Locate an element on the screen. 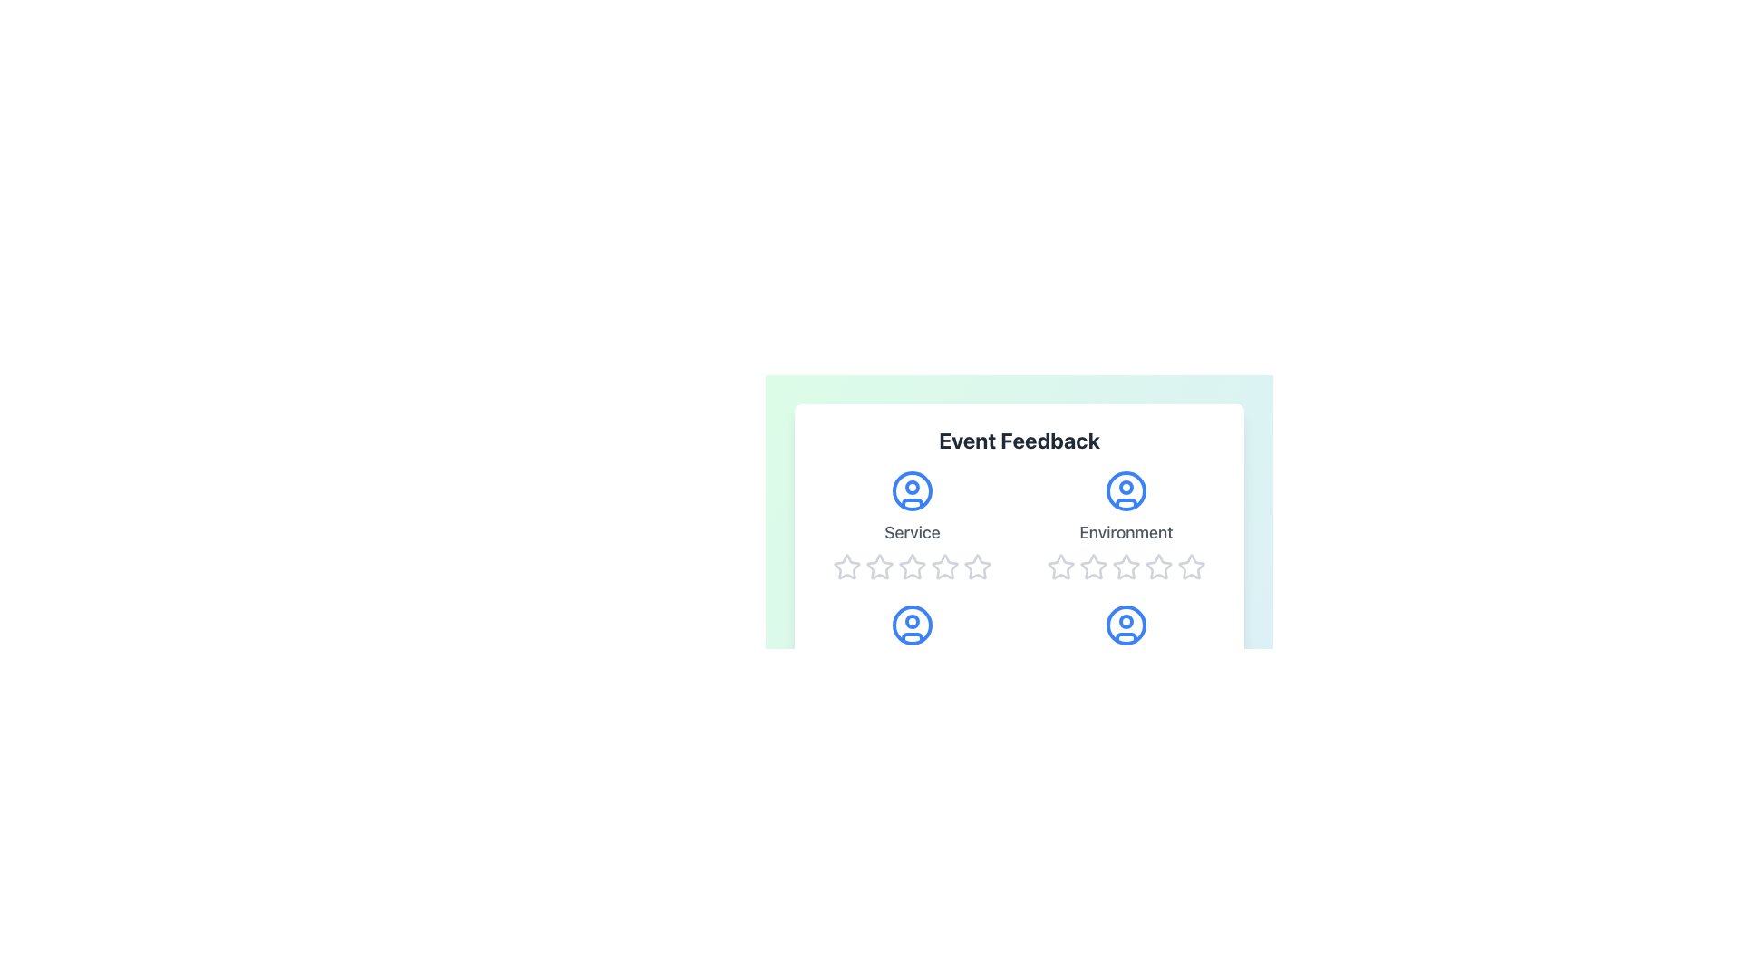 Image resolution: width=1740 pixels, height=979 pixels. the 'Environment' category icon, which is positioned above the rating stars in the right-hand column of the feedback interface is located at coordinates (1126, 491).